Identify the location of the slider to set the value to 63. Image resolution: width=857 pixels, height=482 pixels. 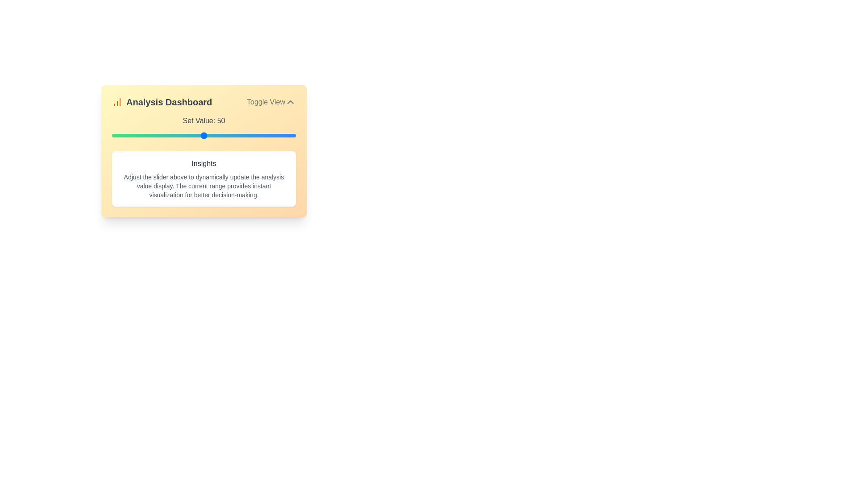
(228, 136).